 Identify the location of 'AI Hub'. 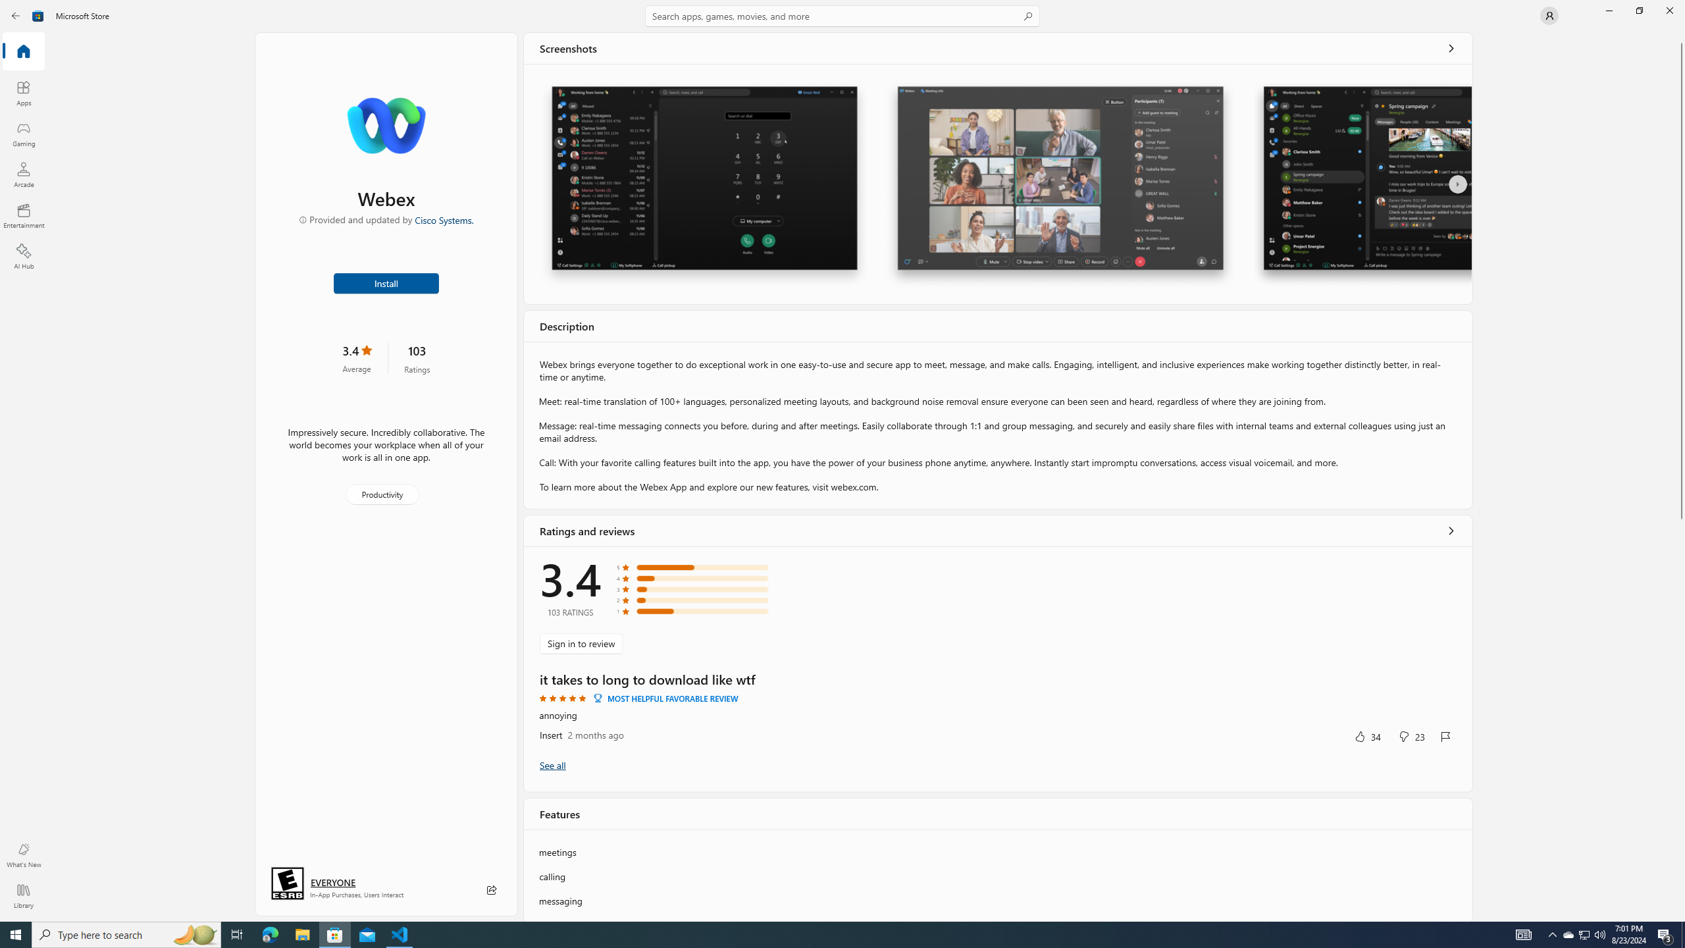
(22, 255).